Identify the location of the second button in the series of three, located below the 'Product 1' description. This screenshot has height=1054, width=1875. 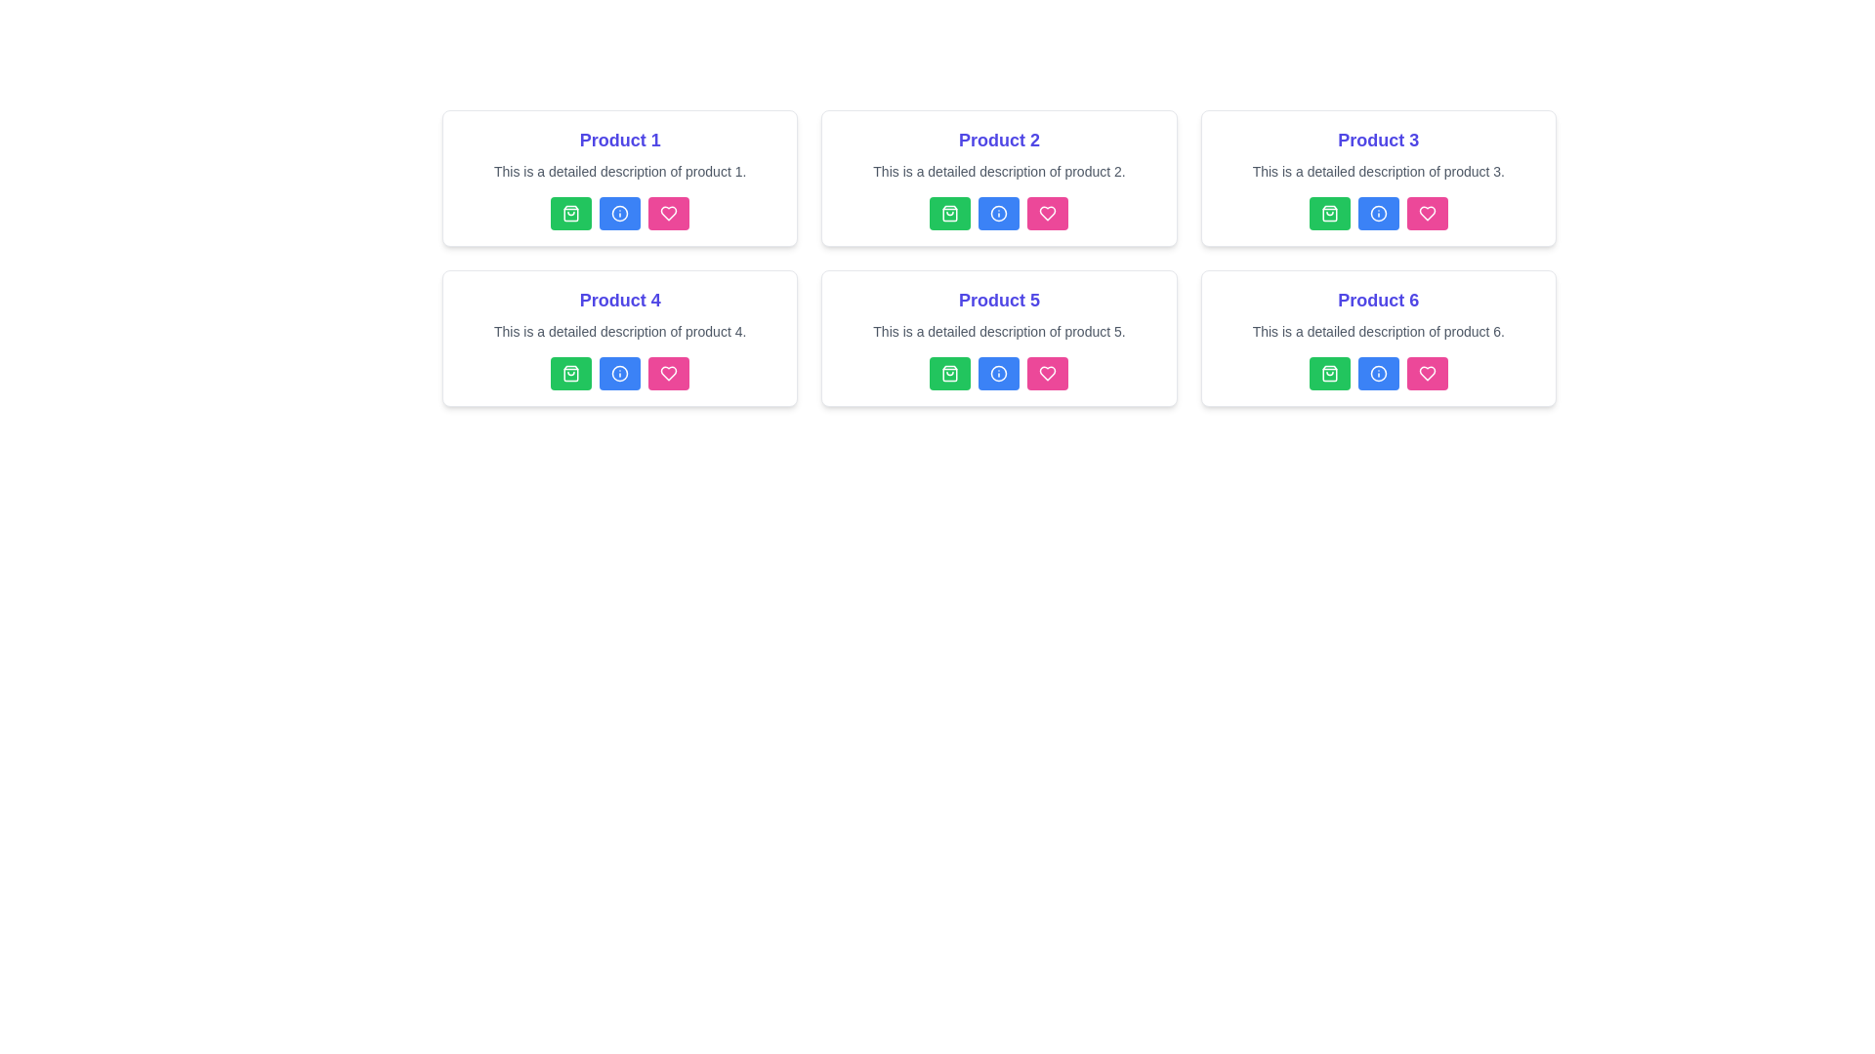
(619, 214).